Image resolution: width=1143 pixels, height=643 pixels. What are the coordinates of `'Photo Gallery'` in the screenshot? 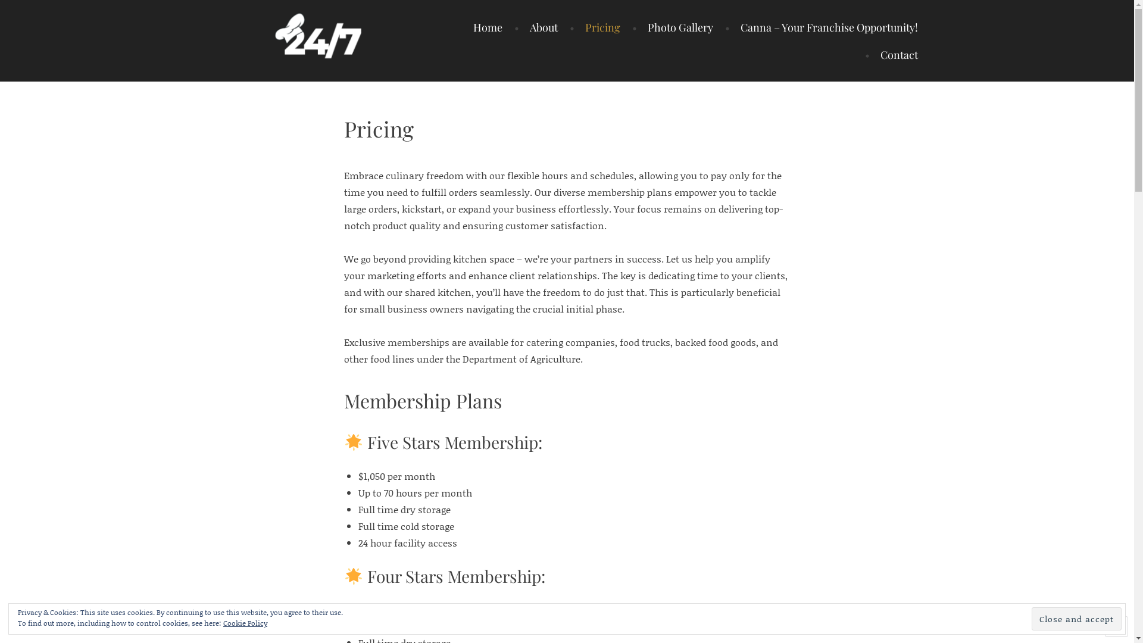 It's located at (631, 27).